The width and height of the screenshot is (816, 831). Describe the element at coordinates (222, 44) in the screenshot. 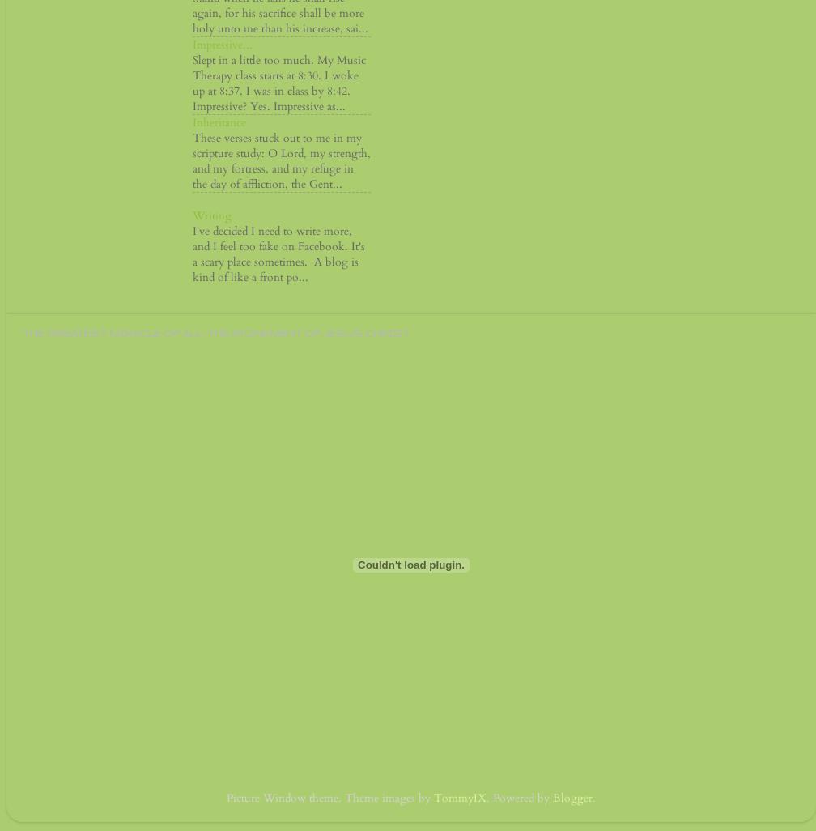

I see `'Impressive...'` at that location.